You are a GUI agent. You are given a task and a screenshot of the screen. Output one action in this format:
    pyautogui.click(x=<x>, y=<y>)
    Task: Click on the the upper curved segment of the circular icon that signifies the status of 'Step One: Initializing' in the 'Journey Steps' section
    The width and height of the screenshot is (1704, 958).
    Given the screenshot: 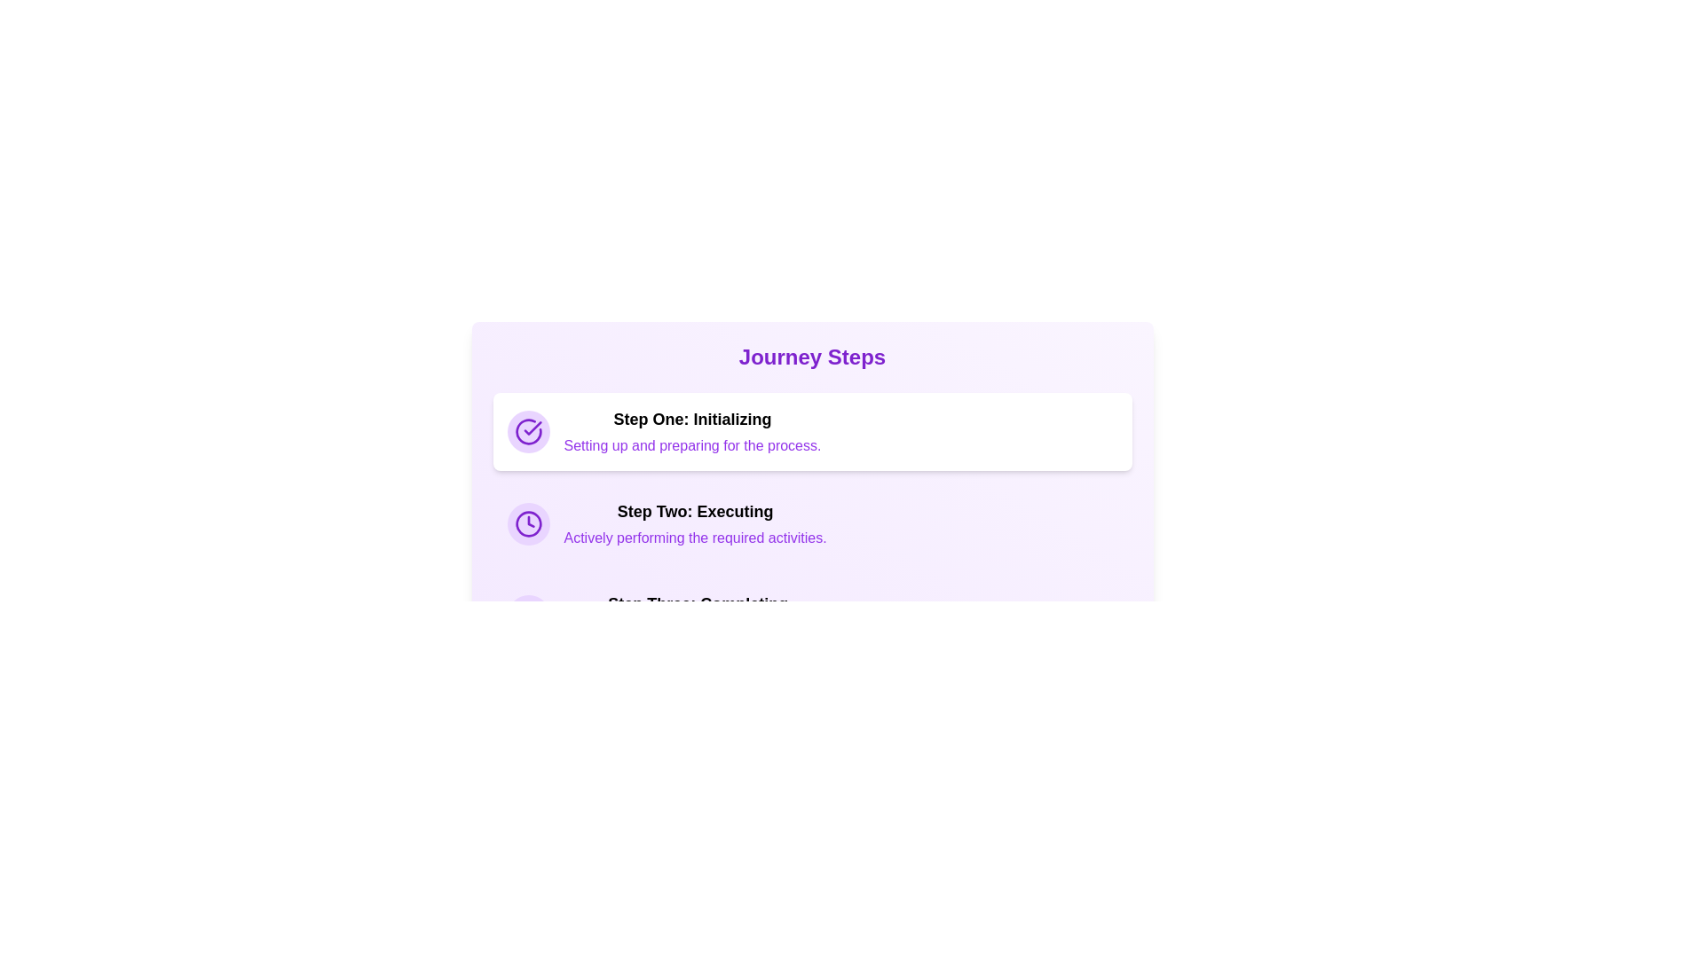 What is the action you would take?
    pyautogui.click(x=527, y=431)
    